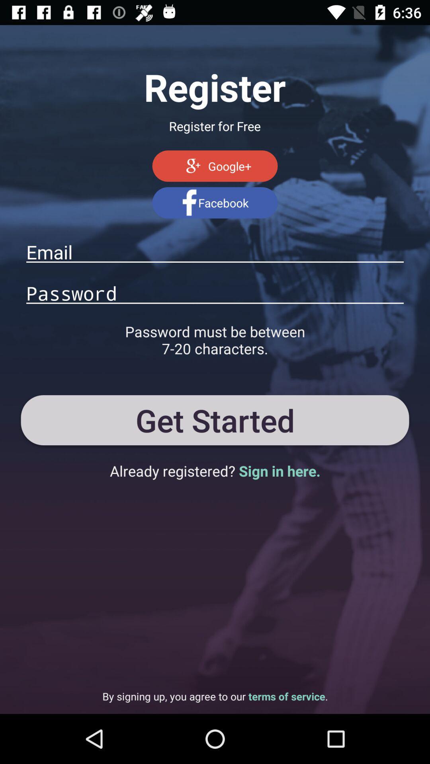 The height and width of the screenshot is (764, 430). Describe the element at coordinates (215, 420) in the screenshot. I see `icon below password must be item` at that location.